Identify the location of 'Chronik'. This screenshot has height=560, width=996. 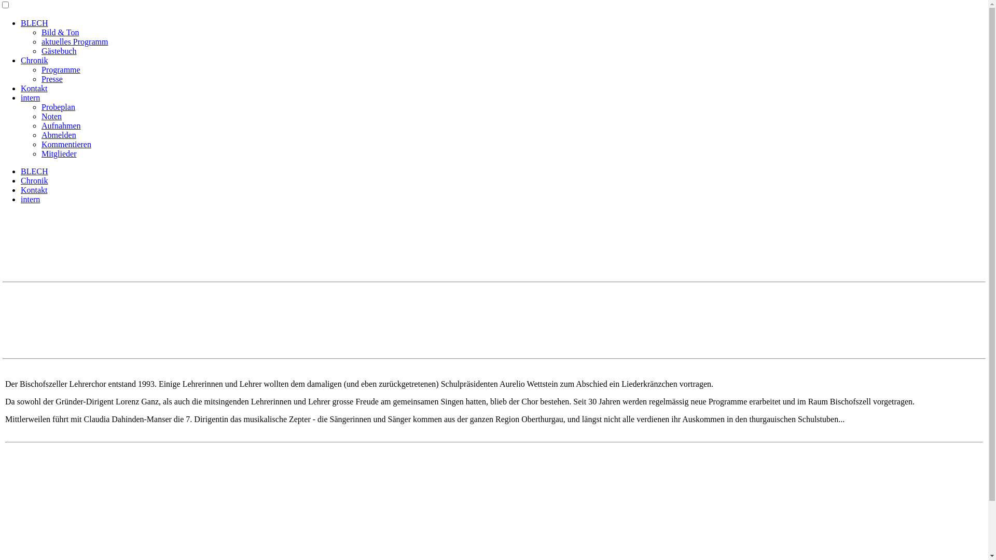
(34, 60).